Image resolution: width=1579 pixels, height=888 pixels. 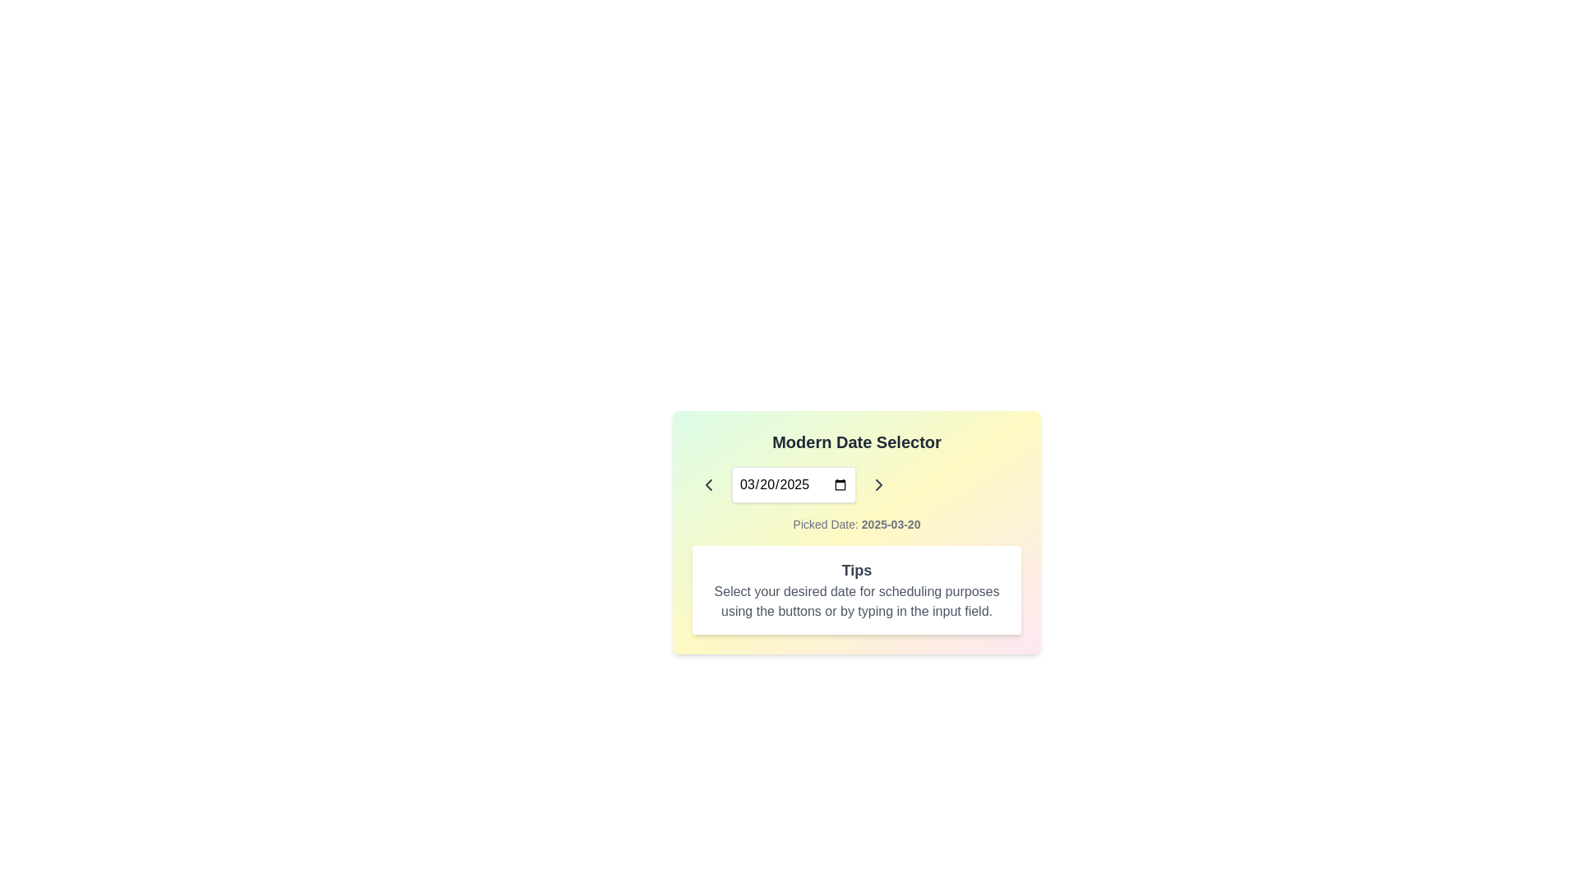 What do you see at coordinates (855, 524) in the screenshot?
I see `the Static Text displaying the selected date '03/20/2025', located below the input field and above the 'Tips' section in the 'Modern Date Selector' card` at bounding box center [855, 524].